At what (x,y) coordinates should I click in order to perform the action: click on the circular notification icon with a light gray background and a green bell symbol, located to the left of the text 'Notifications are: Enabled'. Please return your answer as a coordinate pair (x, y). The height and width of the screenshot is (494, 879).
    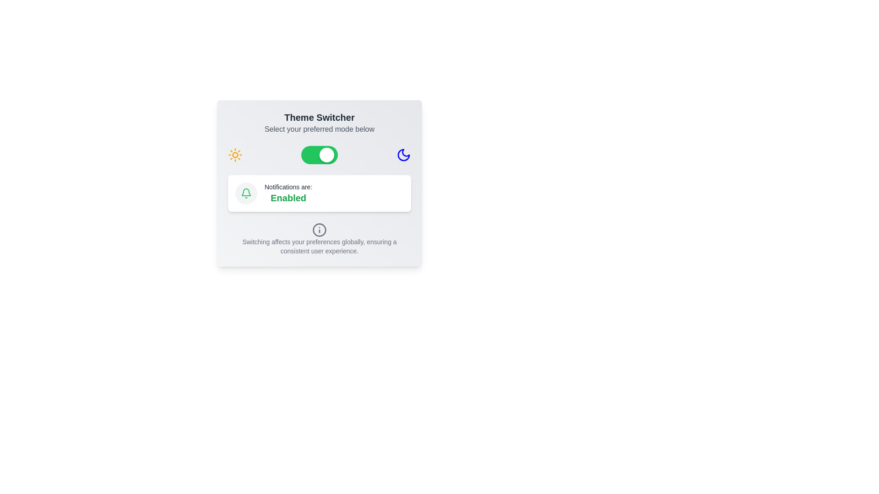
    Looking at the image, I should click on (246, 193).